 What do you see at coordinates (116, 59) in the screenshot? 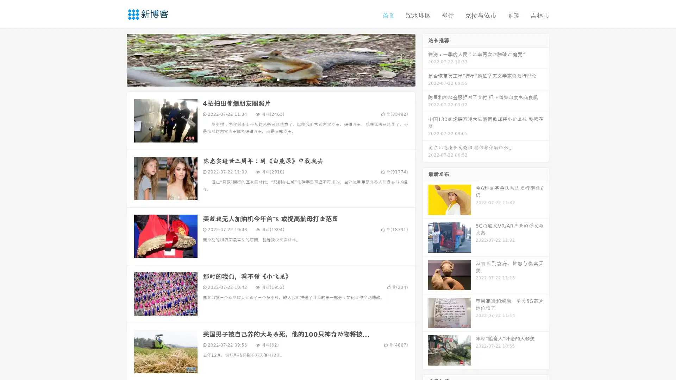
I see `Previous slide` at bounding box center [116, 59].